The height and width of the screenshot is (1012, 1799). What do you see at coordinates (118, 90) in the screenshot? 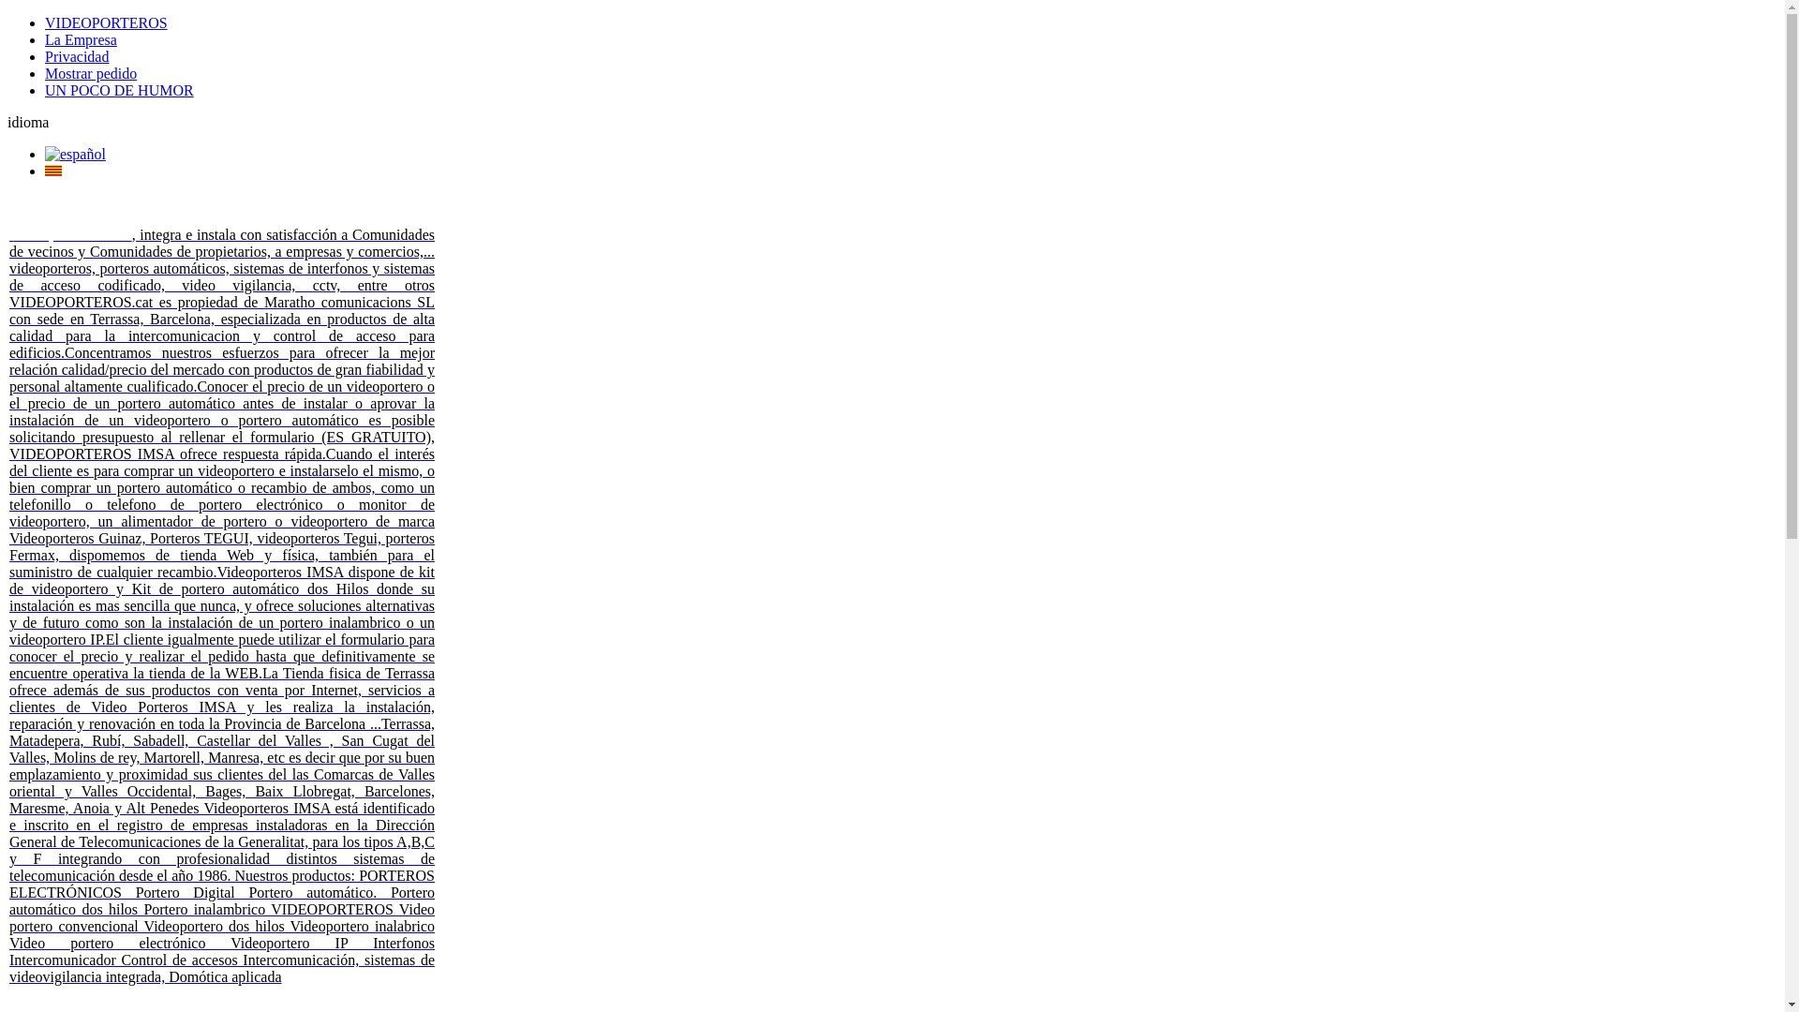
I see `'UN POCO DE HUMOR'` at bounding box center [118, 90].